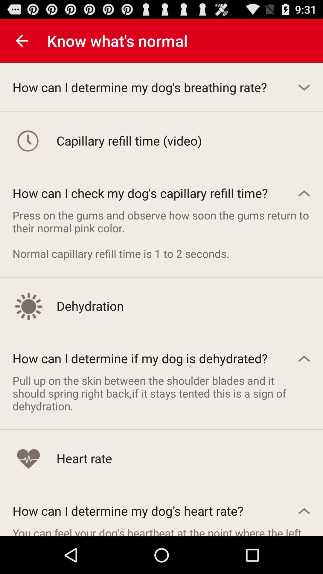 Image resolution: width=323 pixels, height=574 pixels. Describe the element at coordinates (304, 510) in the screenshot. I see `the caret right symbol which is to the right side of how can i determine my dogs heart rate` at that location.